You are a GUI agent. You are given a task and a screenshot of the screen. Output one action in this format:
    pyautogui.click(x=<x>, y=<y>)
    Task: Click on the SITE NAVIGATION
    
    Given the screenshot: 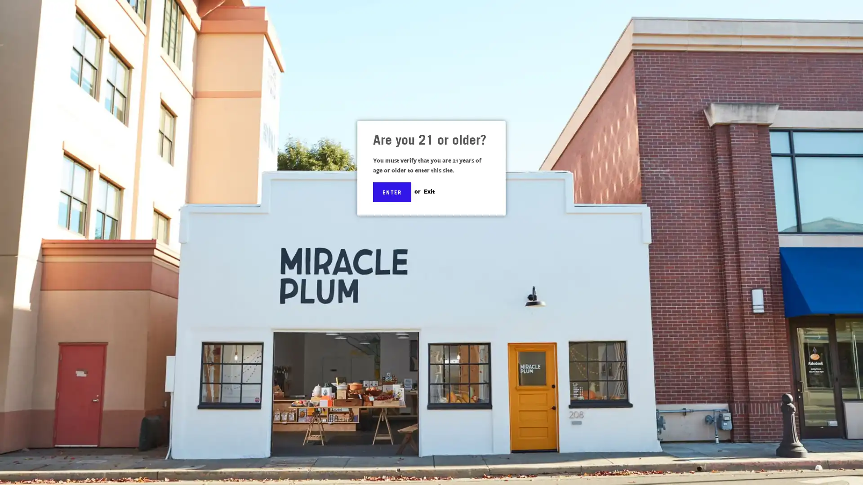 What is the action you would take?
    pyautogui.click(x=216, y=73)
    